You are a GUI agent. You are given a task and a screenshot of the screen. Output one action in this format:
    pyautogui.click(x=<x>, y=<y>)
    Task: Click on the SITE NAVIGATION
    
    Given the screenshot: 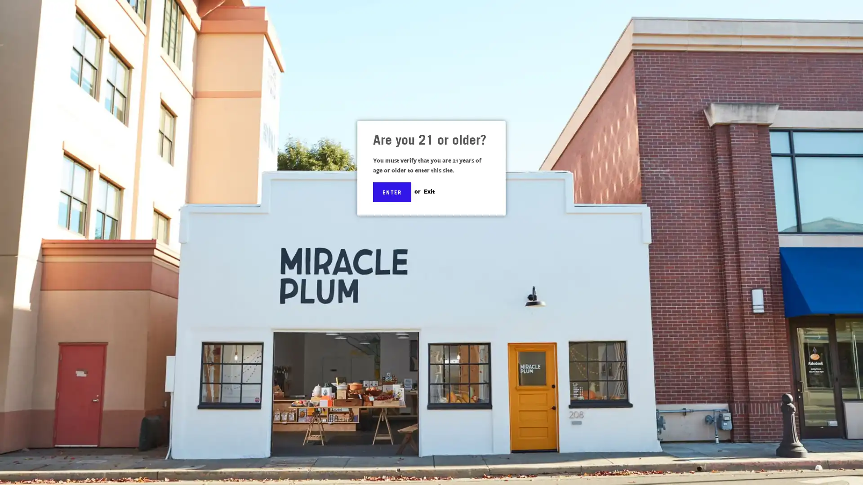 What is the action you would take?
    pyautogui.click(x=216, y=73)
    